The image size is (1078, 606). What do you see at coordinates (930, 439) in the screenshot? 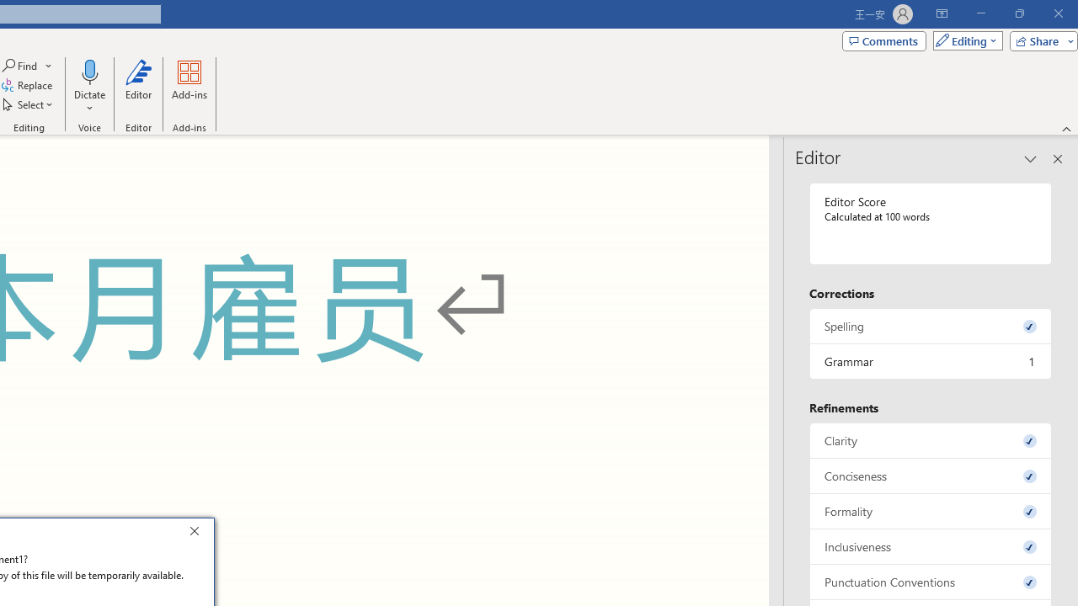
I see `'Clarity, 0 issues. Press space or enter to review items.'` at bounding box center [930, 439].